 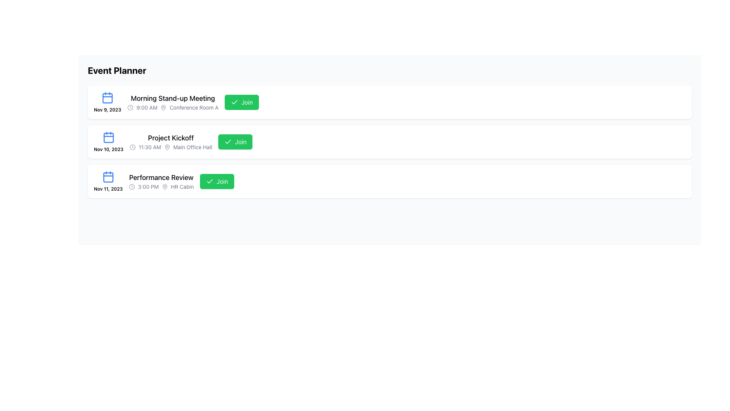 What do you see at coordinates (167, 147) in the screenshot?
I see `the gray map pin icon located near the text 'Main Office Hall' in the second event card titled 'Project Kickoff'` at bounding box center [167, 147].